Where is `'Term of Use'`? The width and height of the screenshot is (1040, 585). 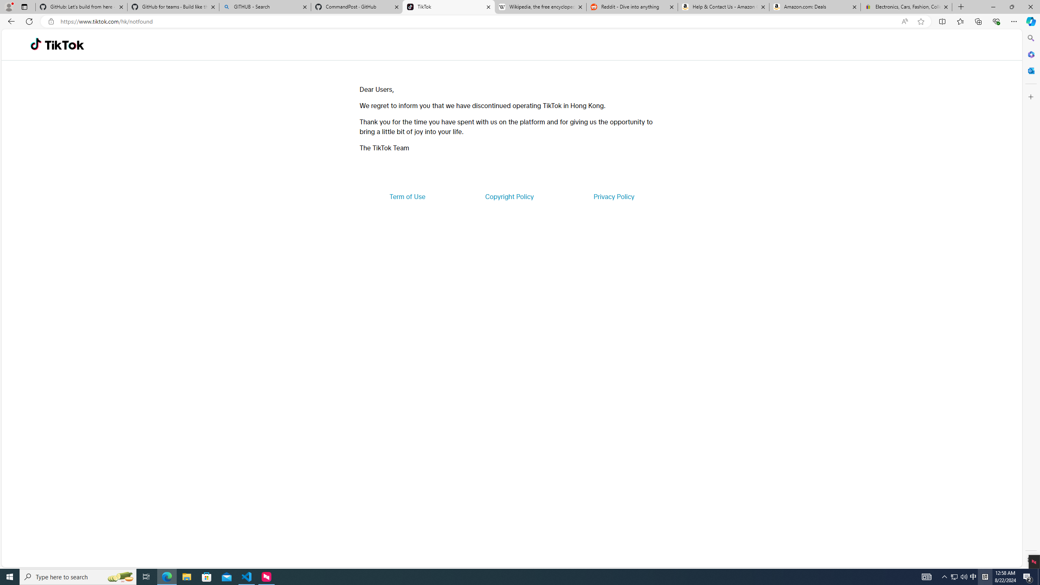 'Term of Use' is located at coordinates (407, 196).